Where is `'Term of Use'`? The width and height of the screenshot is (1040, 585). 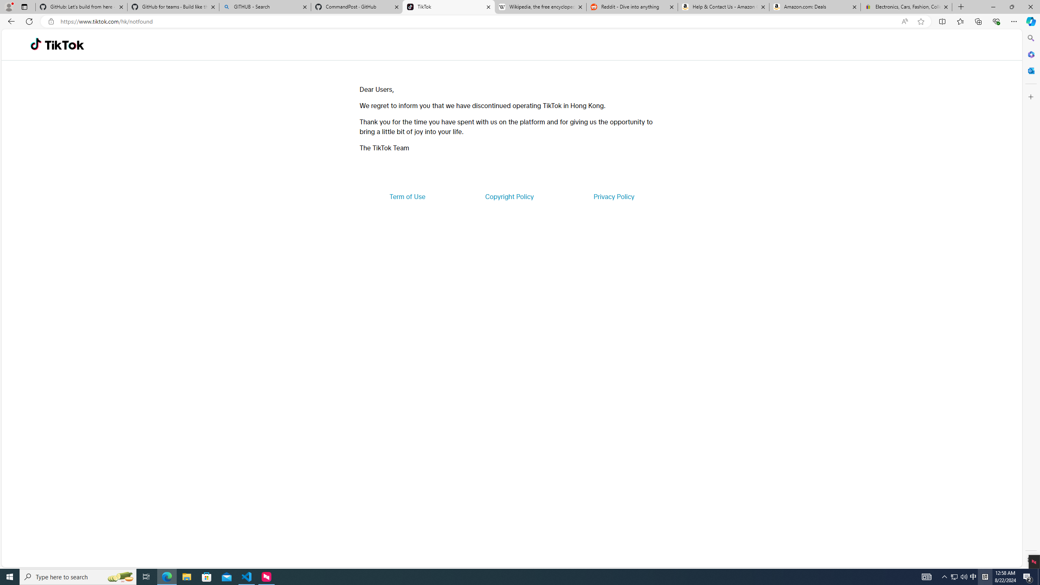 'Term of Use' is located at coordinates (407, 196).